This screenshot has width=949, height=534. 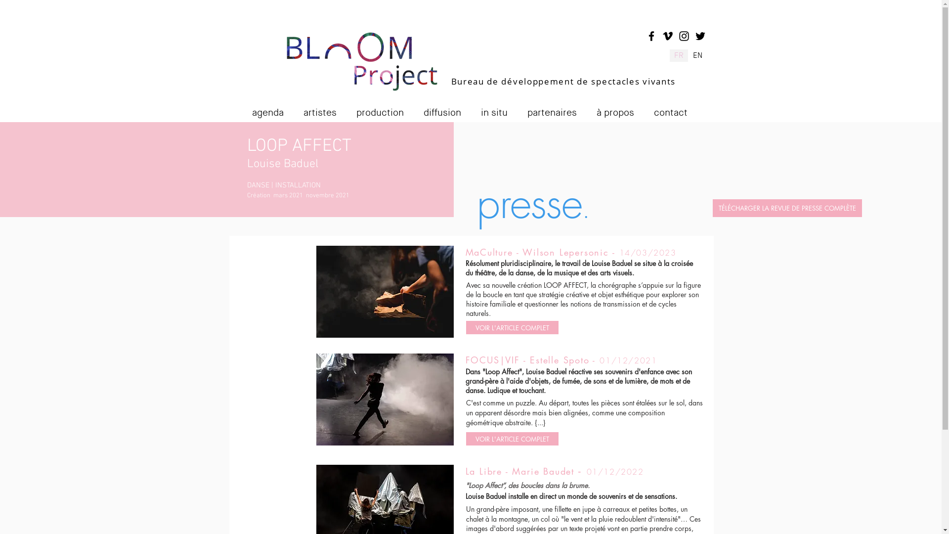 What do you see at coordinates (385, 108) in the screenshot?
I see `'production'` at bounding box center [385, 108].